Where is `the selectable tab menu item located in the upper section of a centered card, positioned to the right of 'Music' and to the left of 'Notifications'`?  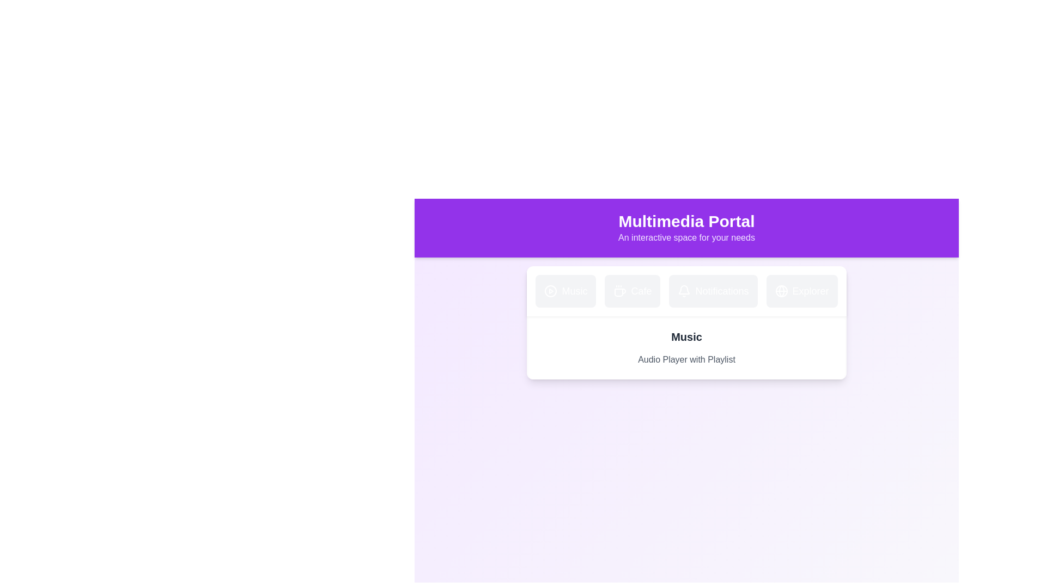 the selectable tab menu item located in the upper section of a centered card, positioned to the right of 'Music' and to the left of 'Notifications' is located at coordinates (633, 291).